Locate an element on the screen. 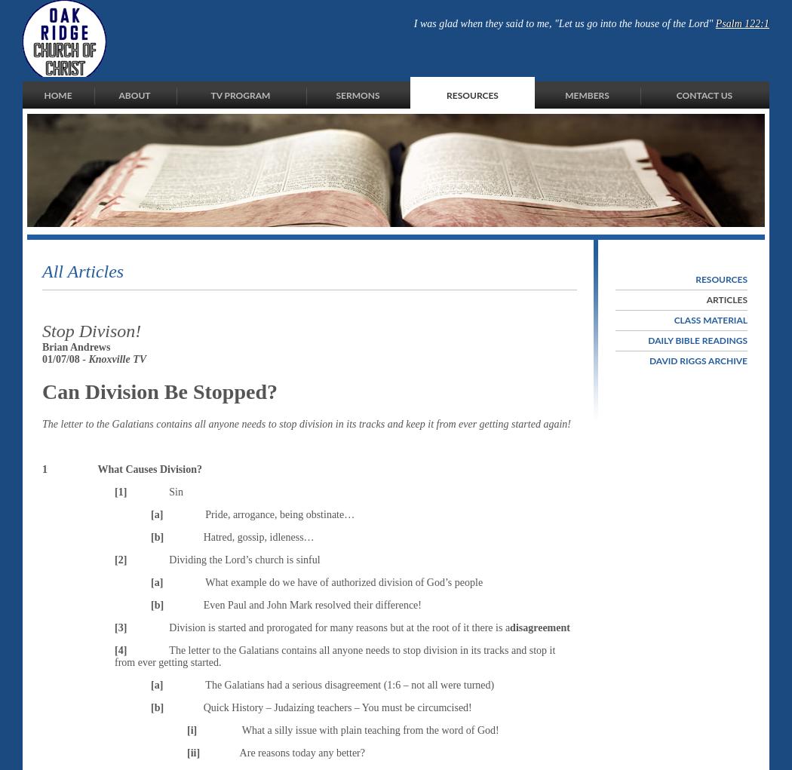  'Stop Divison!' is located at coordinates (91, 331).